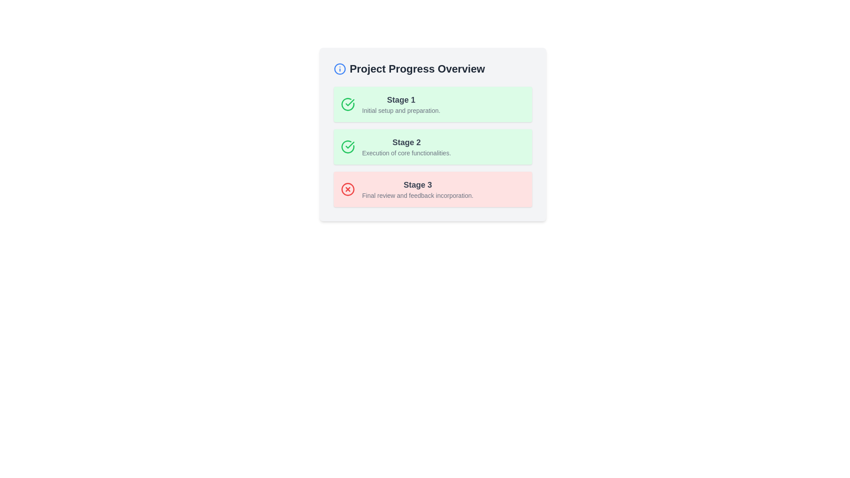 The width and height of the screenshot is (850, 478). I want to click on the information icon, which is a circular design with a blue outline and a white background featuring a centered 'i' symbol, so click(340, 68).